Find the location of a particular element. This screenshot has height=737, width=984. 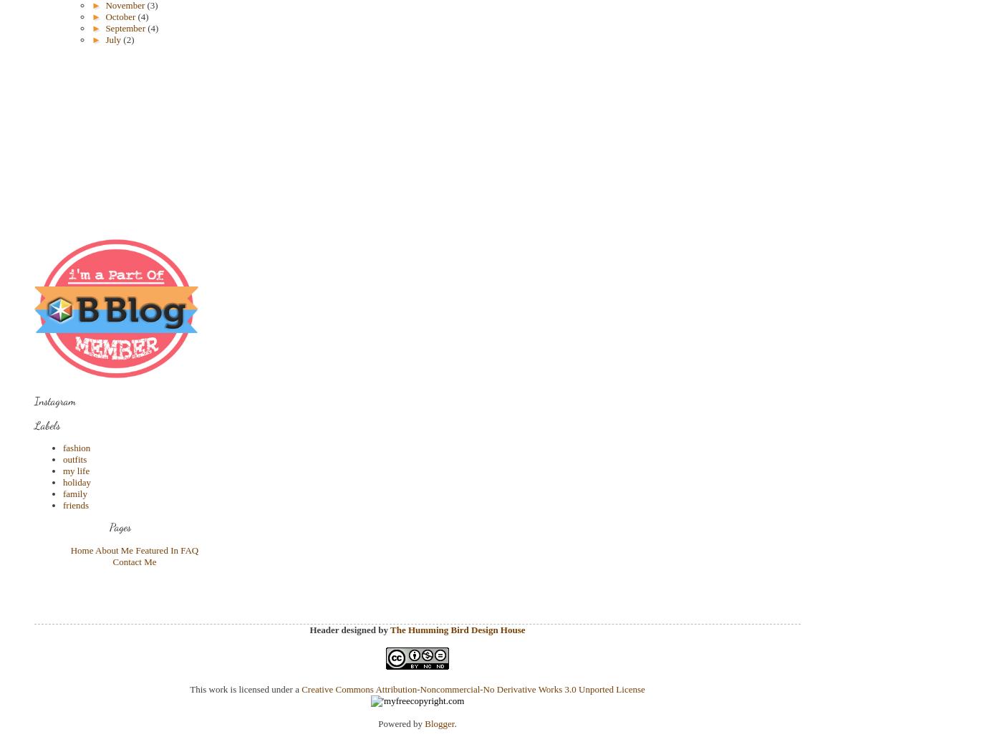

'This work is licensed under a' is located at coordinates (189, 688).